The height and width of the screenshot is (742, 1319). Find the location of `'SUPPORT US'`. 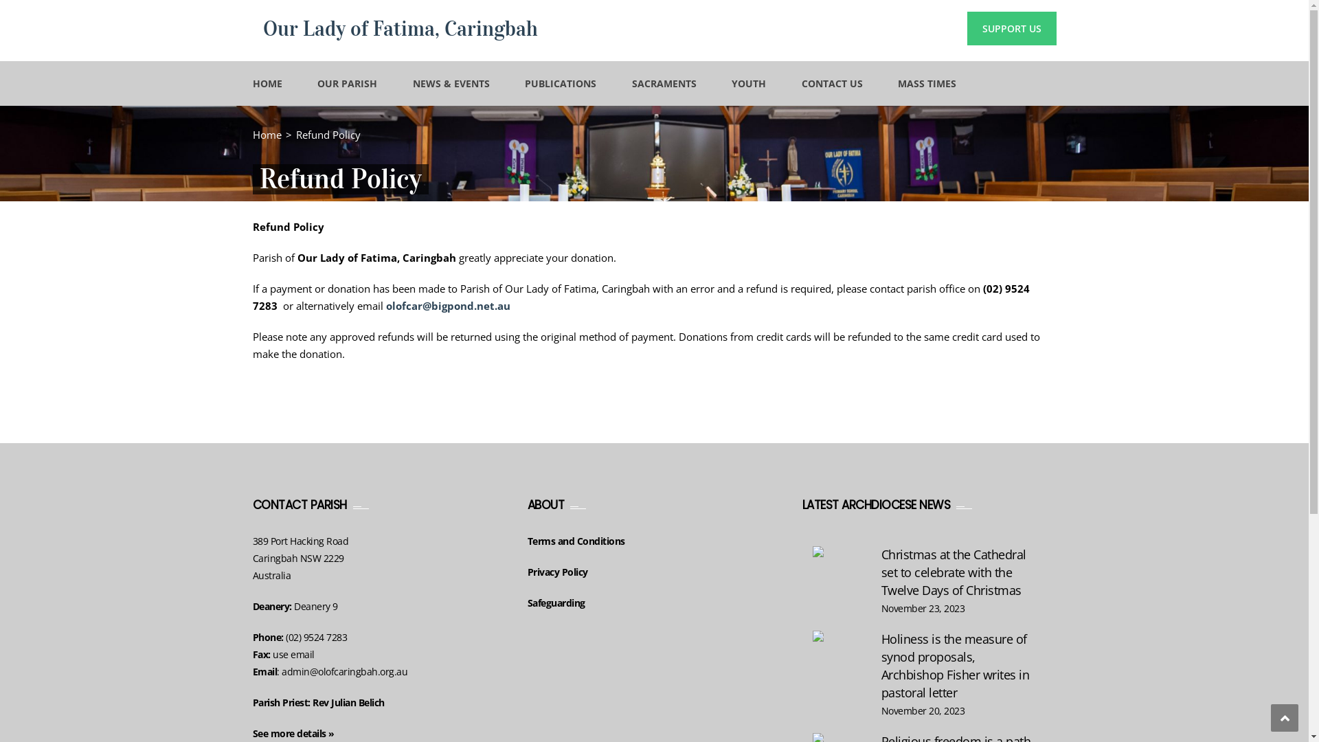

'SUPPORT US' is located at coordinates (1012, 28).